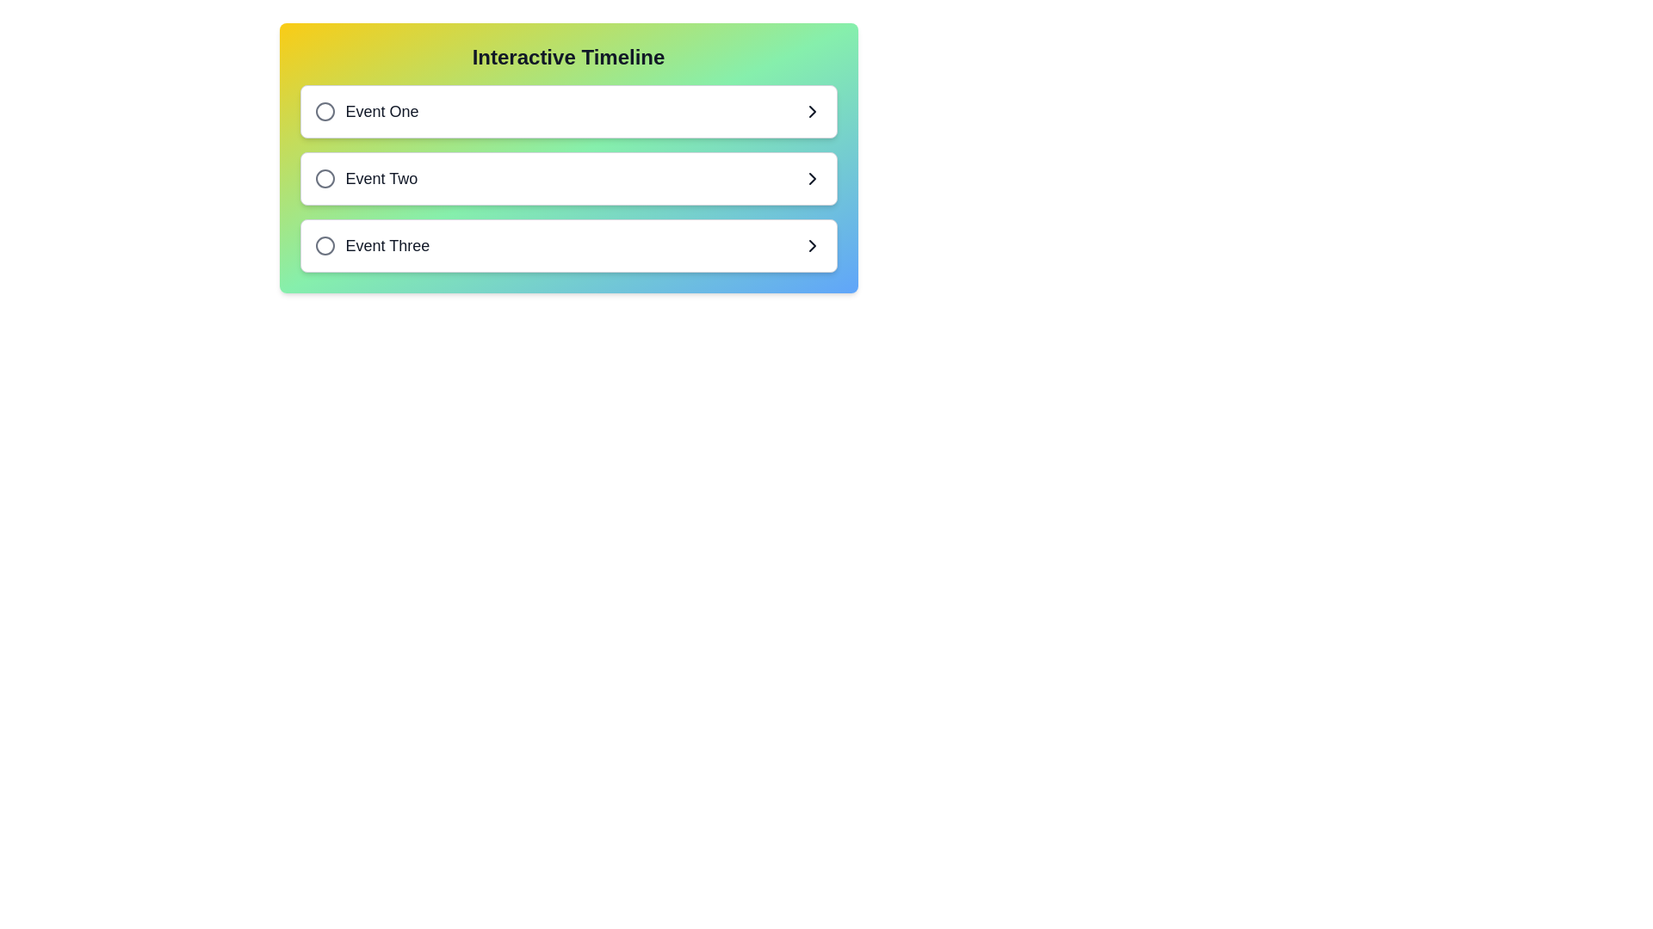  What do you see at coordinates (811, 112) in the screenshot?
I see `the arrow icon button at the far-right of the 'Event One' row` at bounding box center [811, 112].